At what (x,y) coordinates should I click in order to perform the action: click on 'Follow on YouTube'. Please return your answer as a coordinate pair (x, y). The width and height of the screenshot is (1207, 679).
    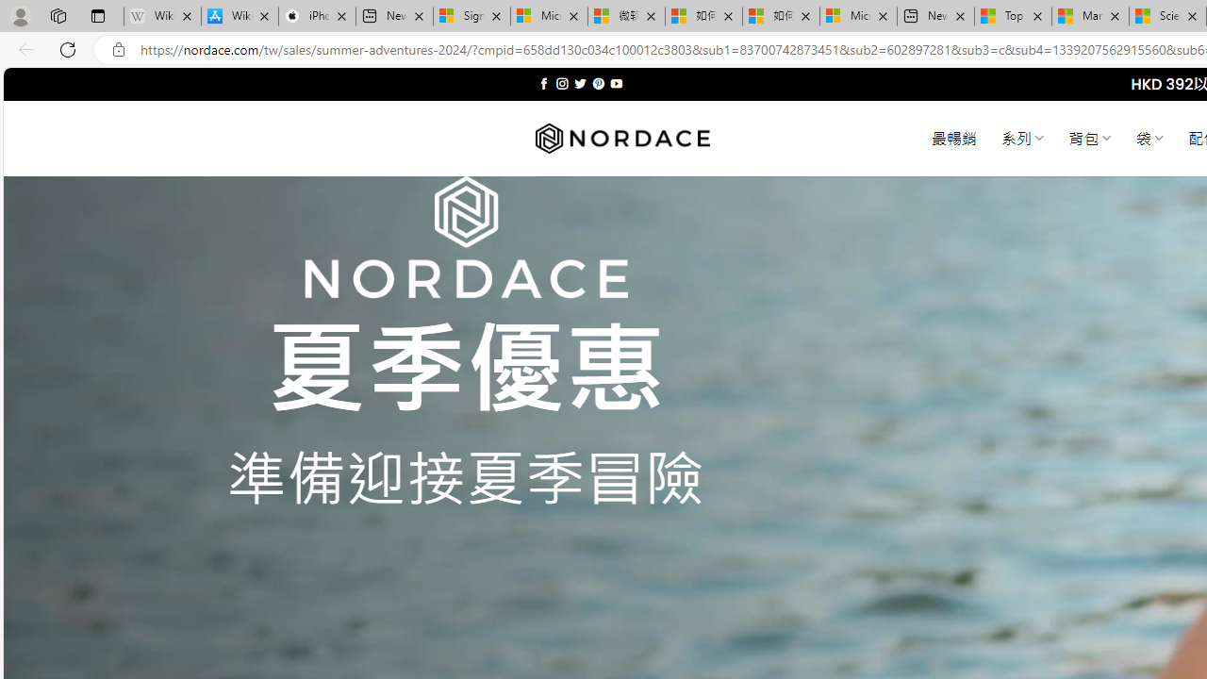
    Looking at the image, I should click on (616, 83).